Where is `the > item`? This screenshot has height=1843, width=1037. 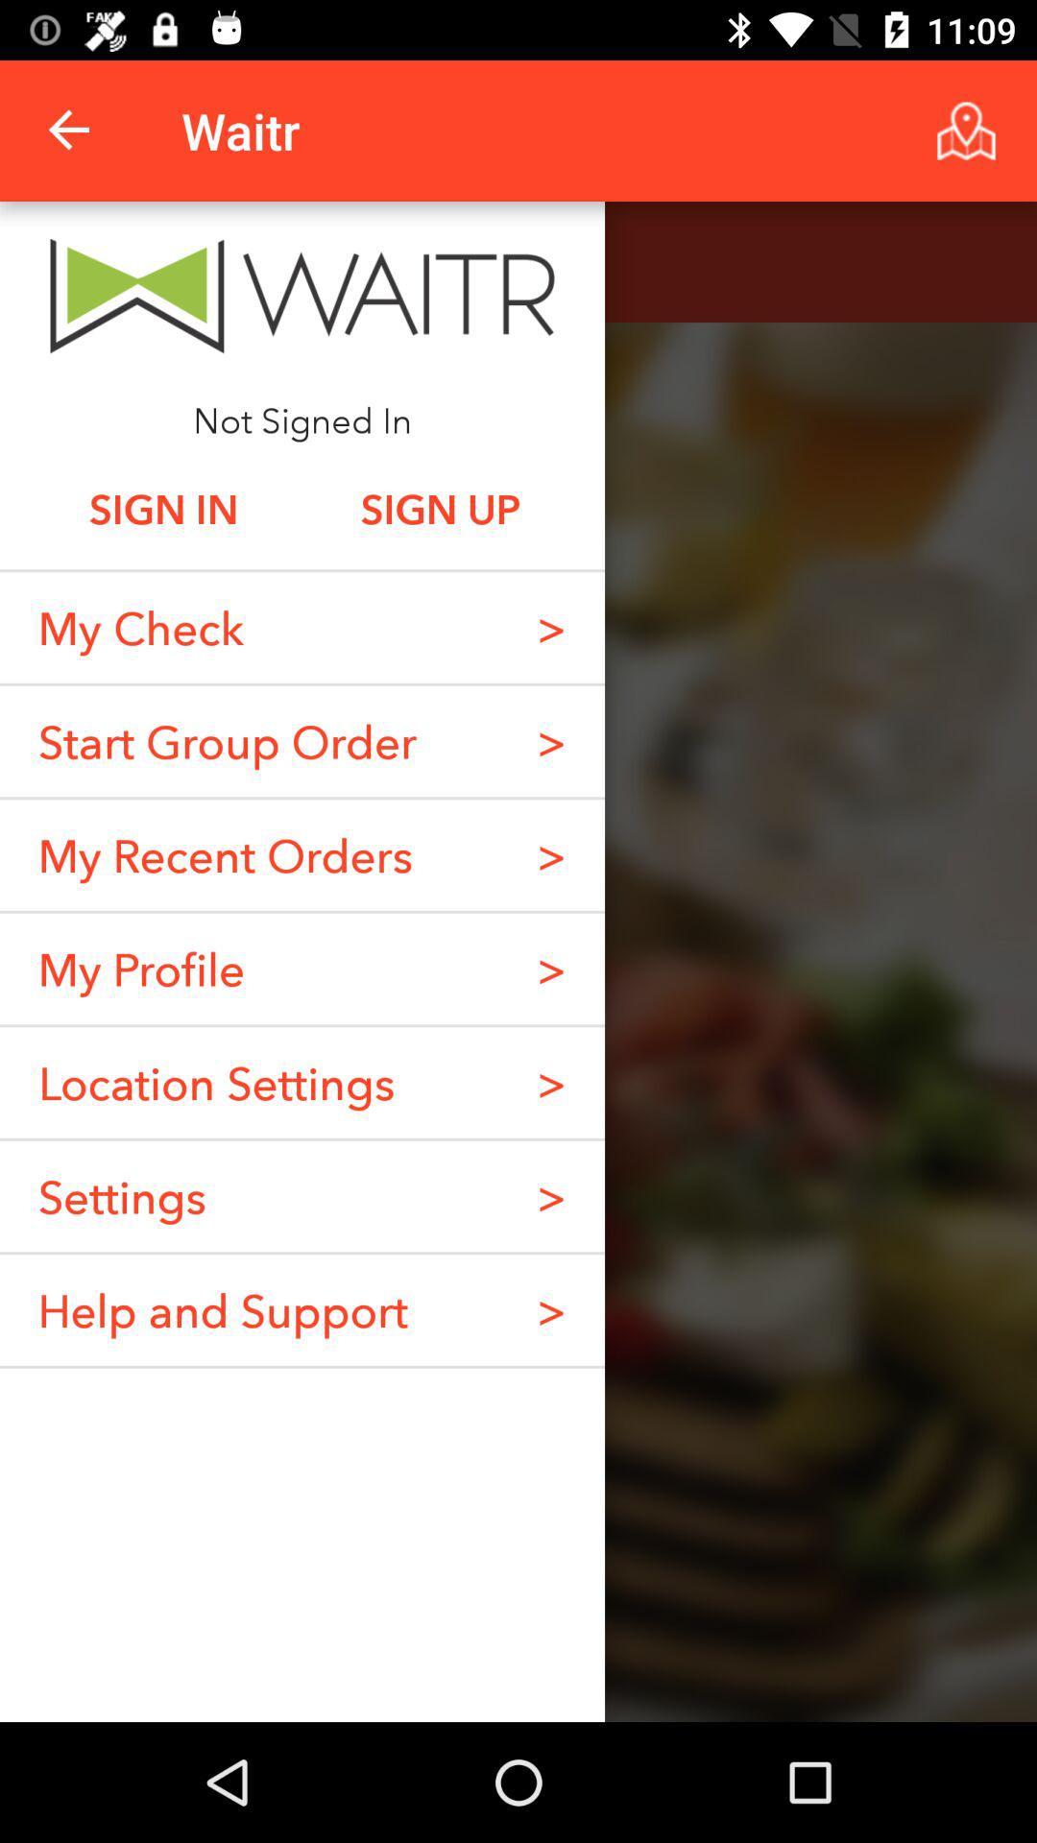 the > item is located at coordinates (551, 1308).